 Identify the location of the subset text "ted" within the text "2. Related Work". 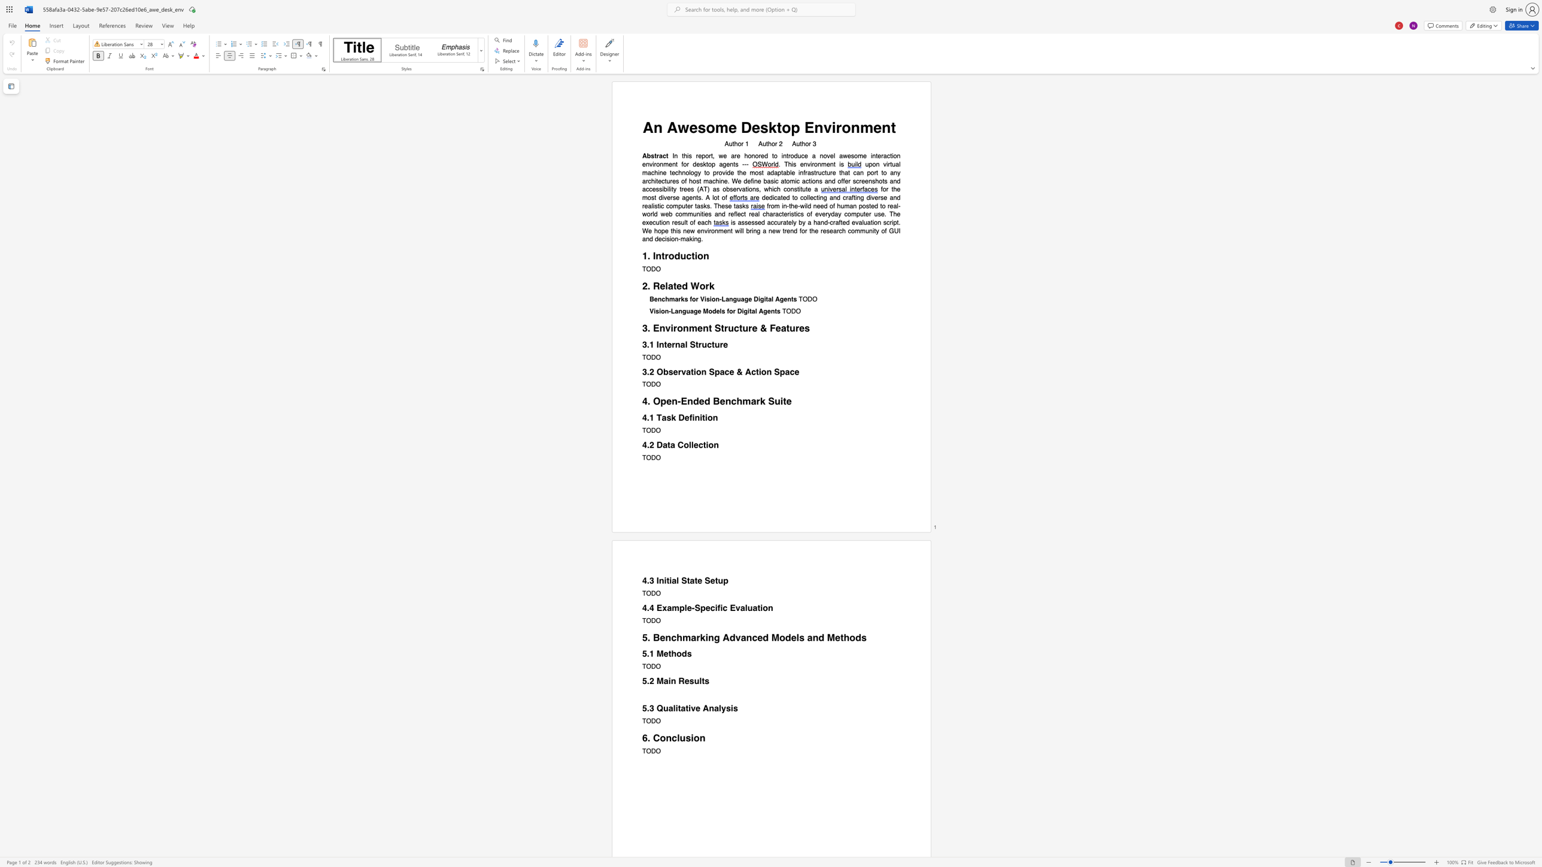
(673, 286).